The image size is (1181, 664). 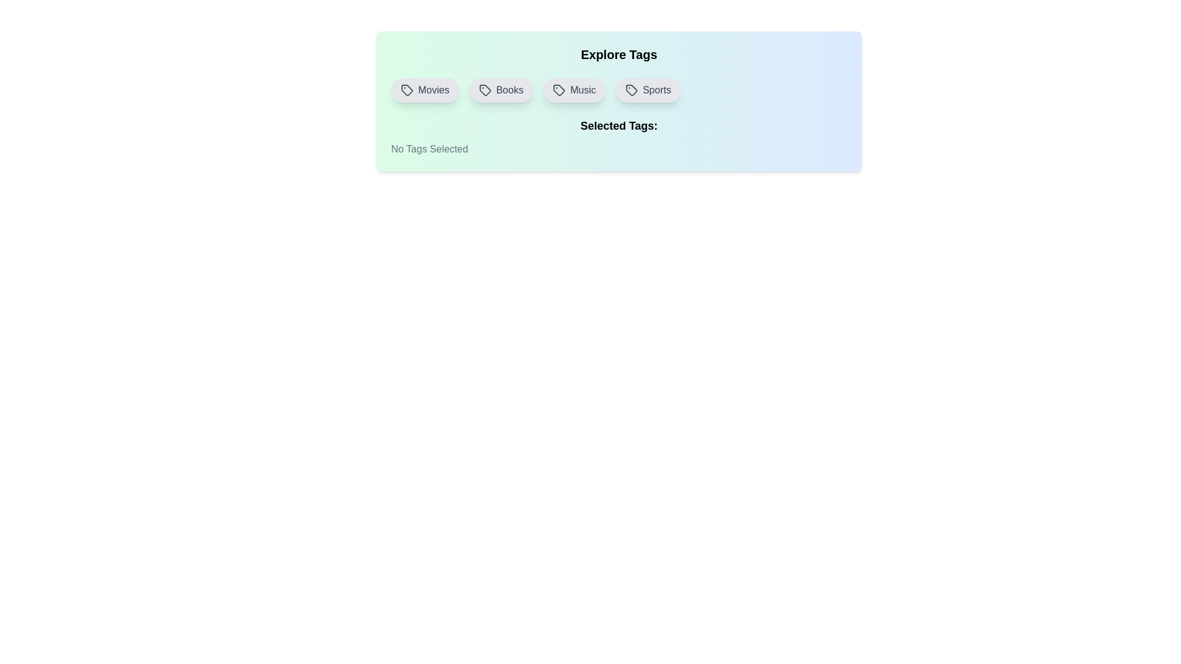 I want to click on the tag-shaped icon located in the 'Explore Tags' section, positioned to the left of the text 'Sports', so click(x=632, y=89).